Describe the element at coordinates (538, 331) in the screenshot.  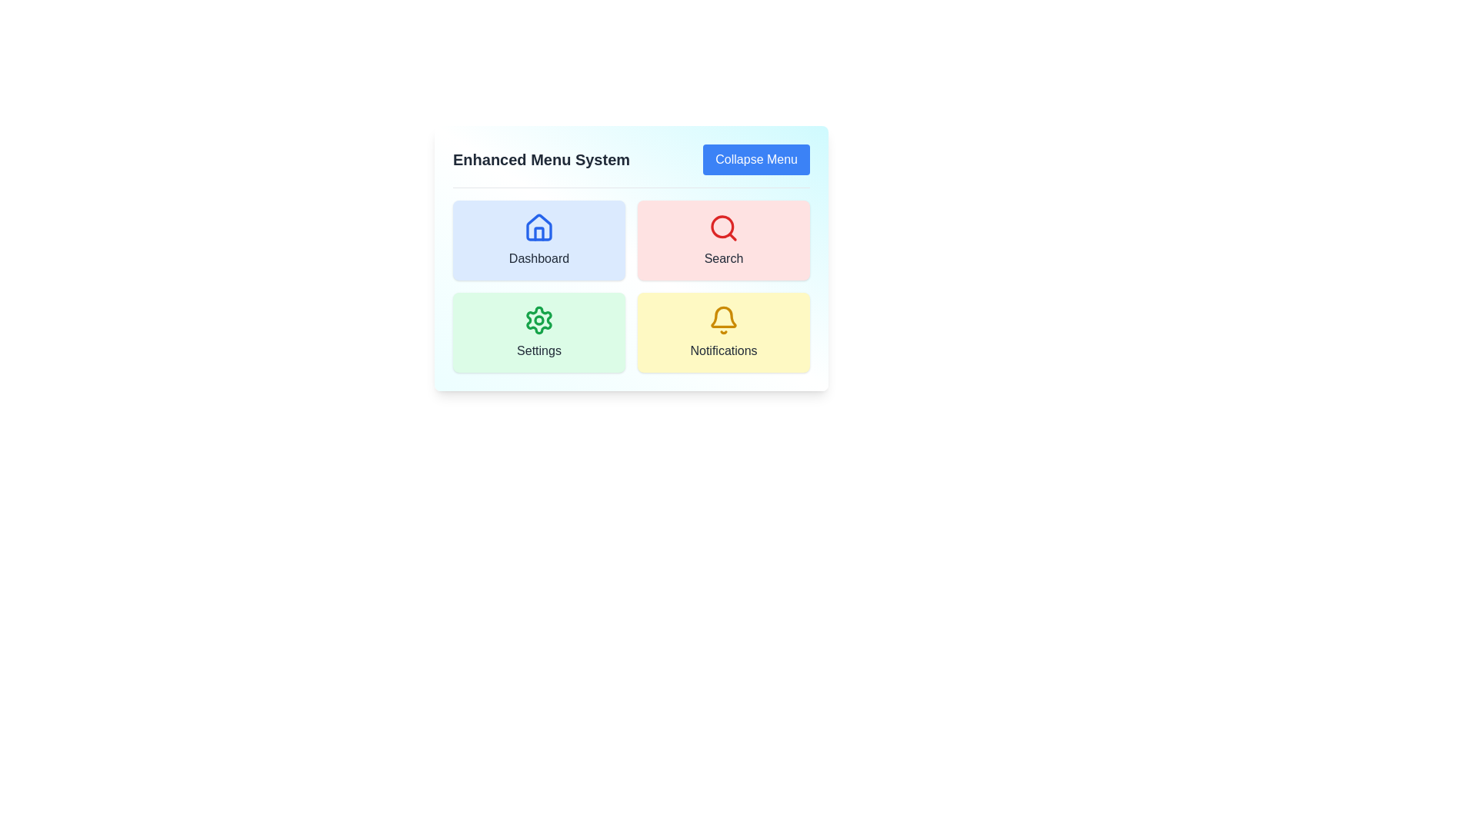
I see `the settings navigation button located in the bottom left corner of the 2x2 grid layout` at that location.